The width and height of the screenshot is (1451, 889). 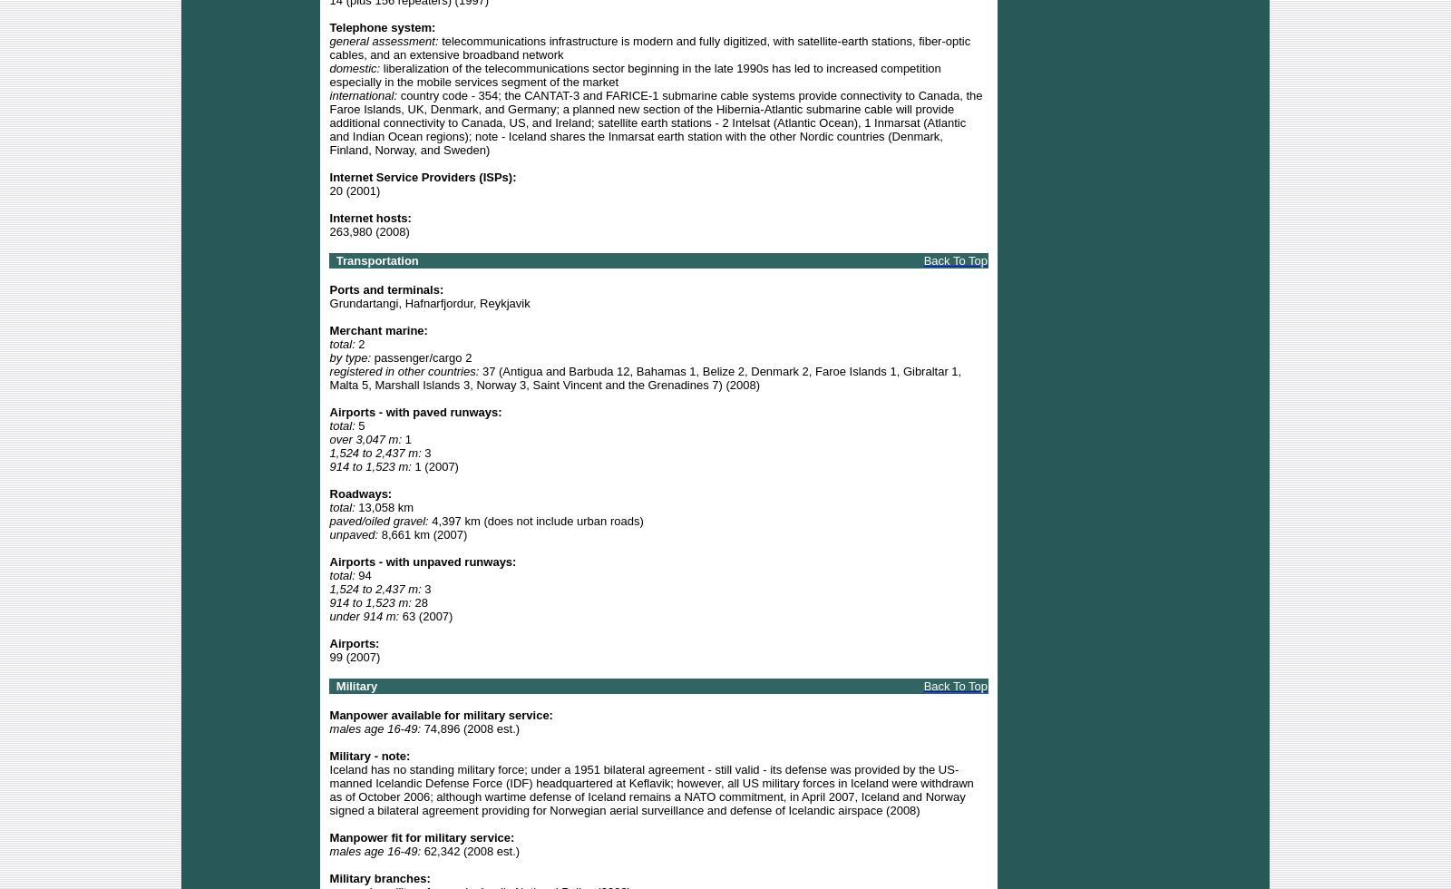 What do you see at coordinates (403, 370) in the screenshot?
I see `'registered in other countries:'` at bounding box center [403, 370].